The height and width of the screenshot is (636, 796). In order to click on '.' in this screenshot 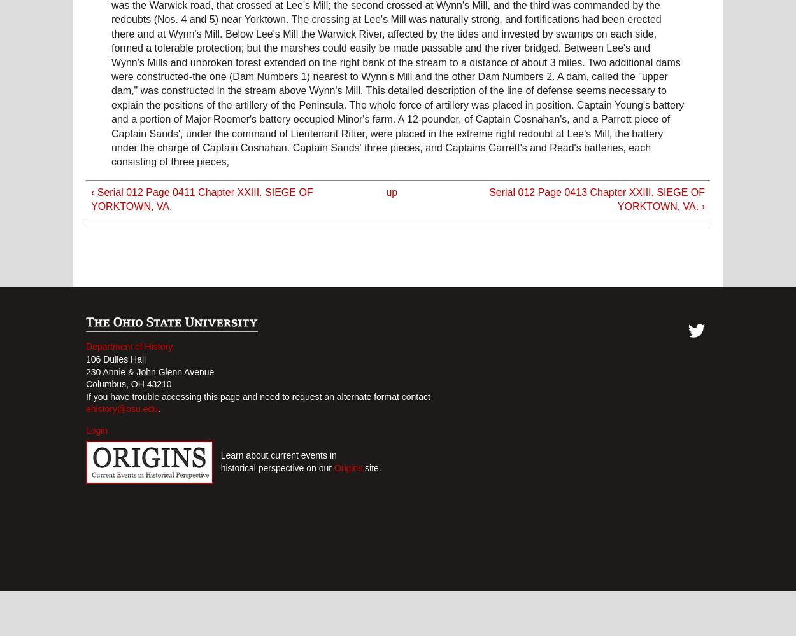, I will do `click(158, 409)`.